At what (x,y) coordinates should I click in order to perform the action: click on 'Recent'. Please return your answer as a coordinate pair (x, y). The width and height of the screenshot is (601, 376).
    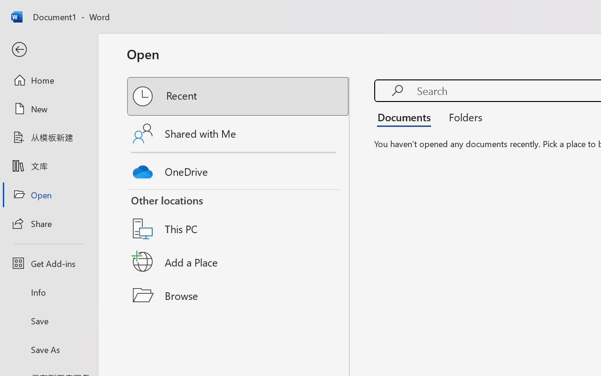
    Looking at the image, I should click on (239, 96).